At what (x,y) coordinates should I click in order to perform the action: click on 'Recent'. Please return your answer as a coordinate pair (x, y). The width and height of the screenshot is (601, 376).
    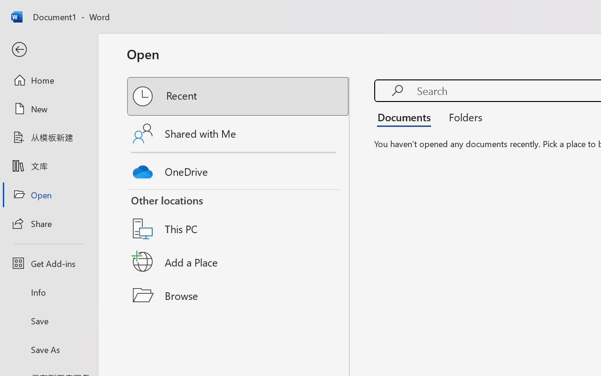
    Looking at the image, I should click on (239, 96).